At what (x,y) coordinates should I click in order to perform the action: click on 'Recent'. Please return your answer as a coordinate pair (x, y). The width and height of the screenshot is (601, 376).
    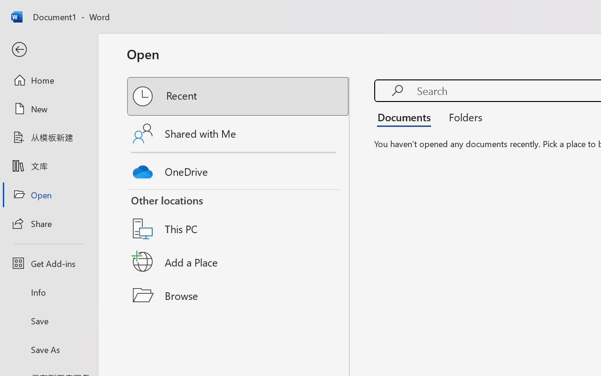
    Looking at the image, I should click on (239, 96).